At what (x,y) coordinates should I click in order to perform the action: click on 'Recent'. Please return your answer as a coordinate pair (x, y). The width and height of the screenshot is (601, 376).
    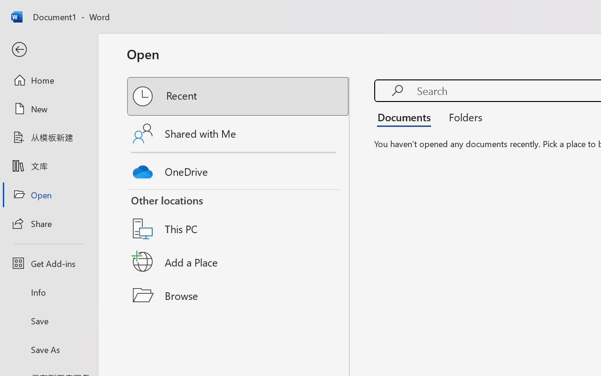
    Looking at the image, I should click on (239, 96).